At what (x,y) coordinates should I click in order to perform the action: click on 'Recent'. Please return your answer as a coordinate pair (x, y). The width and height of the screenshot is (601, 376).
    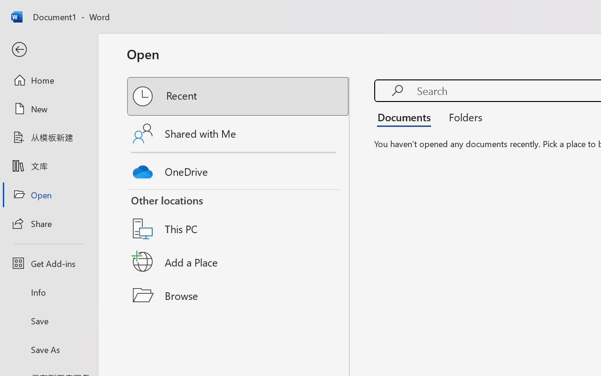
    Looking at the image, I should click on (239, 96).